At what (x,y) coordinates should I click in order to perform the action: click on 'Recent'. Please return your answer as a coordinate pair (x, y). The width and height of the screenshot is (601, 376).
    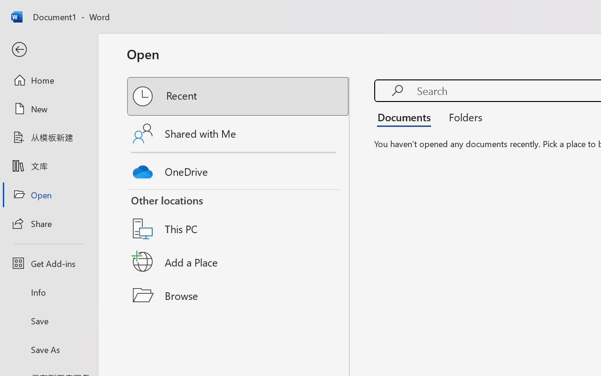
    Looking at the image, I should click on (239, 96).